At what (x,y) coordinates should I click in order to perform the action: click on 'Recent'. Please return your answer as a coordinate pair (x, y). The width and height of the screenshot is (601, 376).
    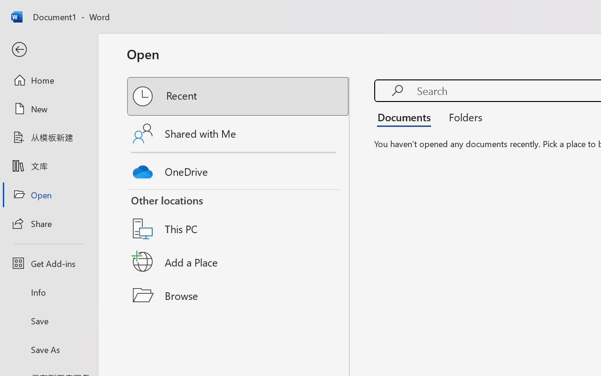
    Looking at the image, I should click on (239, 96).